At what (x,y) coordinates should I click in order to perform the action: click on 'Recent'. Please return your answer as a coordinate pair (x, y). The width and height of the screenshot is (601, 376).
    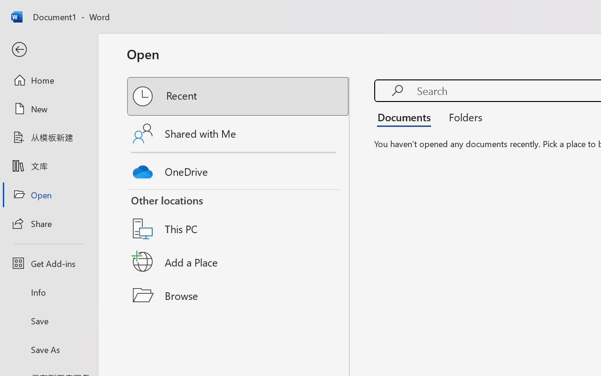
    Looking at the image, I should click on (239, 96).